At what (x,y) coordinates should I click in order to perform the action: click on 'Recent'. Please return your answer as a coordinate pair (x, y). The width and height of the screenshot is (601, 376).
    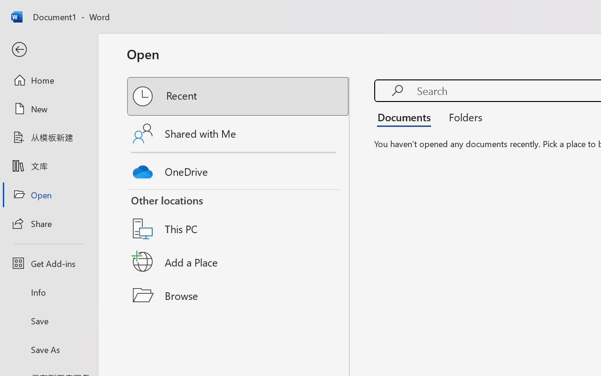
    Looking at the image, I should click on (239, 96).